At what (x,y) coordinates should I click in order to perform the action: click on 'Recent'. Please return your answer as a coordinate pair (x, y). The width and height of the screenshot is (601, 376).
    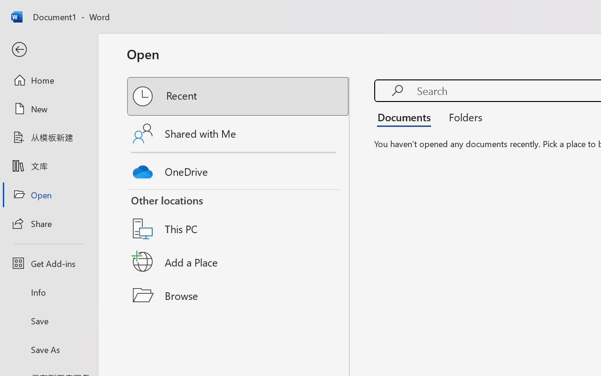
    Looking at the image, I should click on (239, 96).